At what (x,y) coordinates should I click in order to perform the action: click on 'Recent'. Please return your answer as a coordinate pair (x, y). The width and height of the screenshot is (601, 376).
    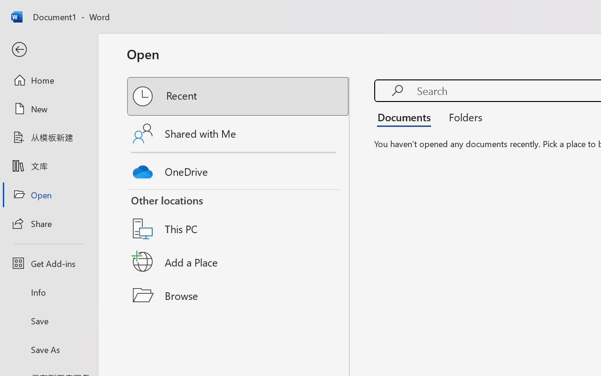
    Looking at the image, I should click on (239, 96).